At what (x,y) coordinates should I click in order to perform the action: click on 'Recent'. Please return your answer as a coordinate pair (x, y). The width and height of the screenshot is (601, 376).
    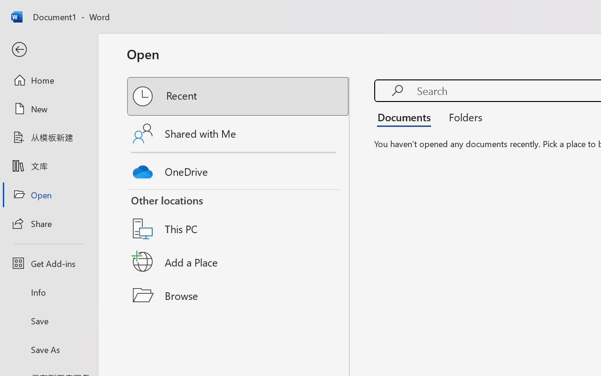
    Looking at the image, I should click on (239, 96).